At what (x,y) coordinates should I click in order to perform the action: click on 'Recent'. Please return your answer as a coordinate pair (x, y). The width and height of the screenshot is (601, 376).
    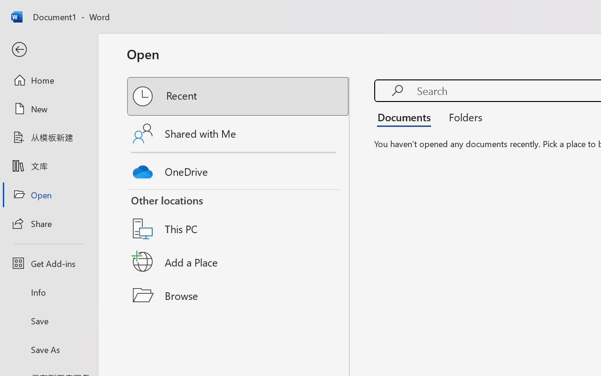
    Looking at the image, I should click on (239, 96).